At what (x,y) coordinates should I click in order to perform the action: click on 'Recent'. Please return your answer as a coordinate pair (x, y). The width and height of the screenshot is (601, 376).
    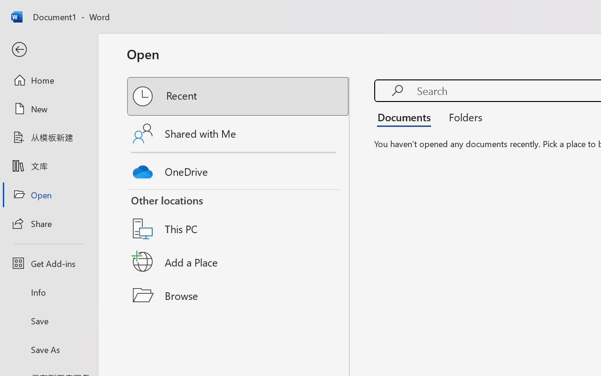
    Looking at the image, I should click on (239, 96).